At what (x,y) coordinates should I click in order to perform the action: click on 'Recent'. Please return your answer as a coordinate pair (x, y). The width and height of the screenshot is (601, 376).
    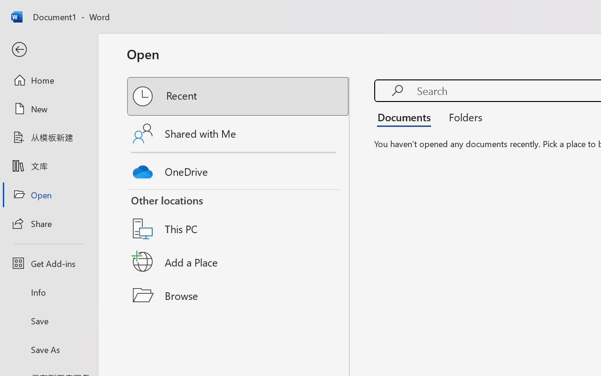
    Looking at the image, I should click on (239, 96).